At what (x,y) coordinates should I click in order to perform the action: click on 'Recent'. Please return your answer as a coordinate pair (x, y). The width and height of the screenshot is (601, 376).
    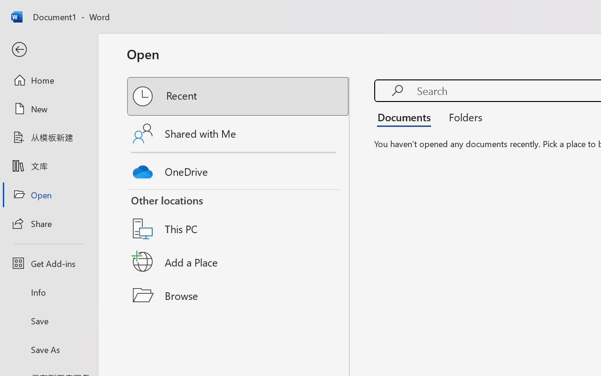
    Looking at the image, I should click on (239, 96).